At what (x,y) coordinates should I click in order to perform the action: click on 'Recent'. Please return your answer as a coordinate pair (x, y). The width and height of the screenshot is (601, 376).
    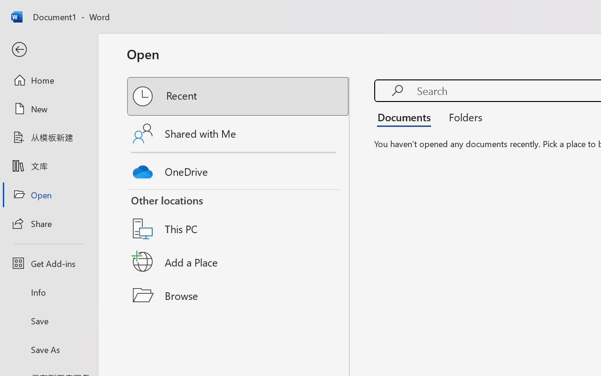
    Looking at the image, I should click on (239, 96).